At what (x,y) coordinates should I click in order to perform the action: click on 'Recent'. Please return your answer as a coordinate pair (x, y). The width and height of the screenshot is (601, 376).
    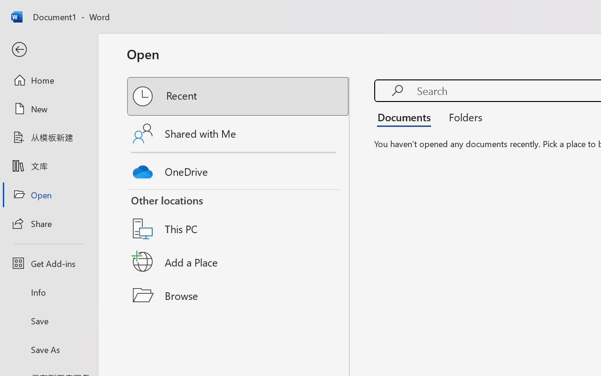
    Looking at the image, I should click on (239, 96).